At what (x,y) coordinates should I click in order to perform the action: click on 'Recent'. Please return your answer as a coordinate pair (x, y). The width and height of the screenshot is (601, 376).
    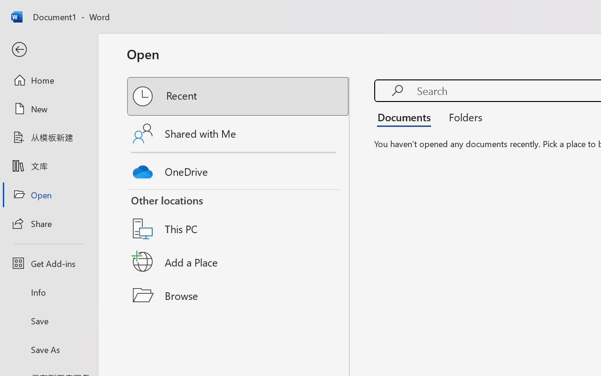
    Looking at the image, I should click on (239, 96).